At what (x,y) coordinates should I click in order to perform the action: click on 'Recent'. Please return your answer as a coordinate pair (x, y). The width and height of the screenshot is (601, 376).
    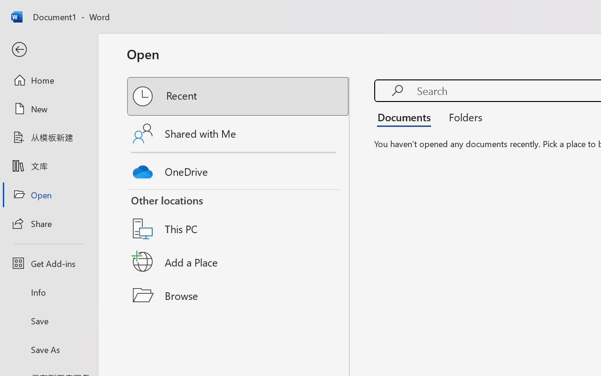
    Looking at the image, I should click on (239, 96).